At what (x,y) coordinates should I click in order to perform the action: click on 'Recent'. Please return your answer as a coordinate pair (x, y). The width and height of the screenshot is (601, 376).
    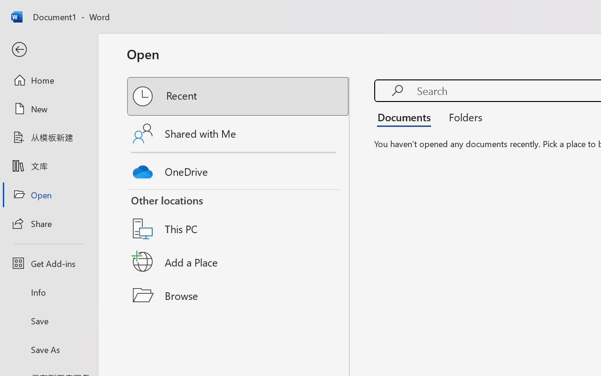
    Looking at the image, I should click on (239, 96).